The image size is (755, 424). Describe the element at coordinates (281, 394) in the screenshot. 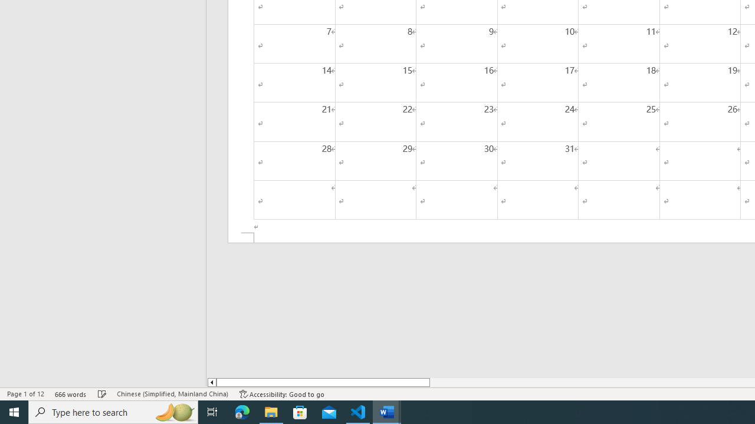

I see `'Accessibility Checker Accessibility: Good to go'` at that location.